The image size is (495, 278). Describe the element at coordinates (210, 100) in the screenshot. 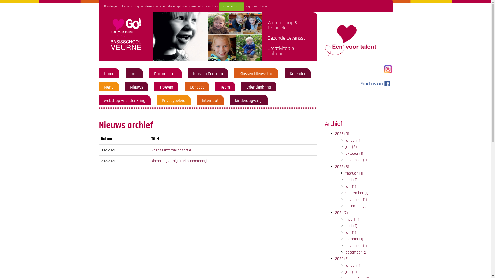

I see `'Internaat'` at that location.